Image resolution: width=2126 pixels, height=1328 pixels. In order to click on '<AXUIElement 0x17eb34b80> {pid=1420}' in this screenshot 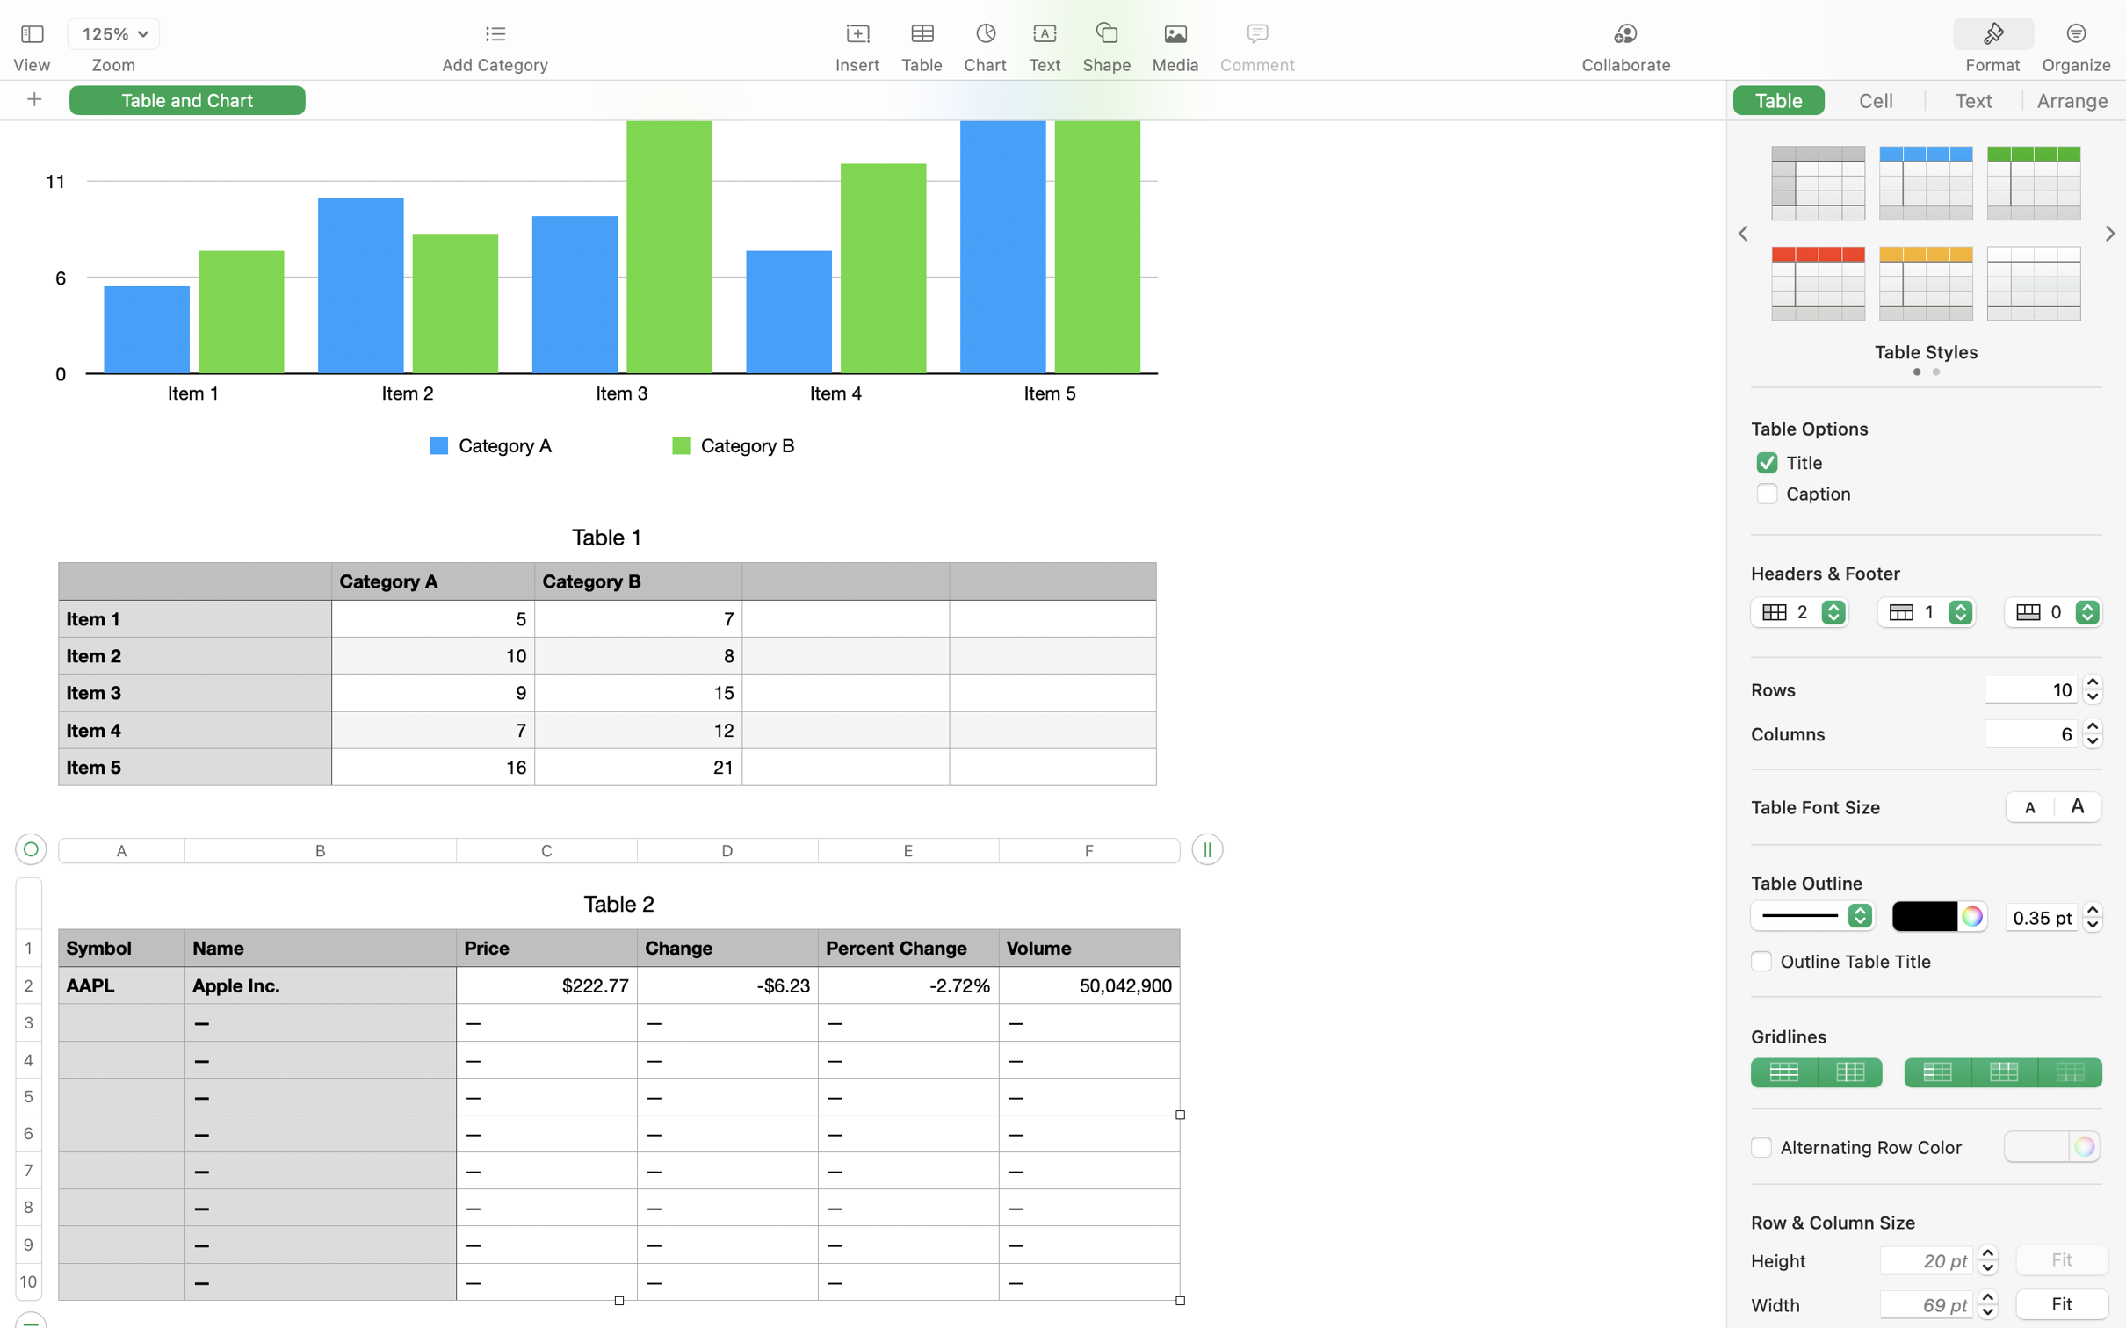, I will do `click(2036, 33)`.